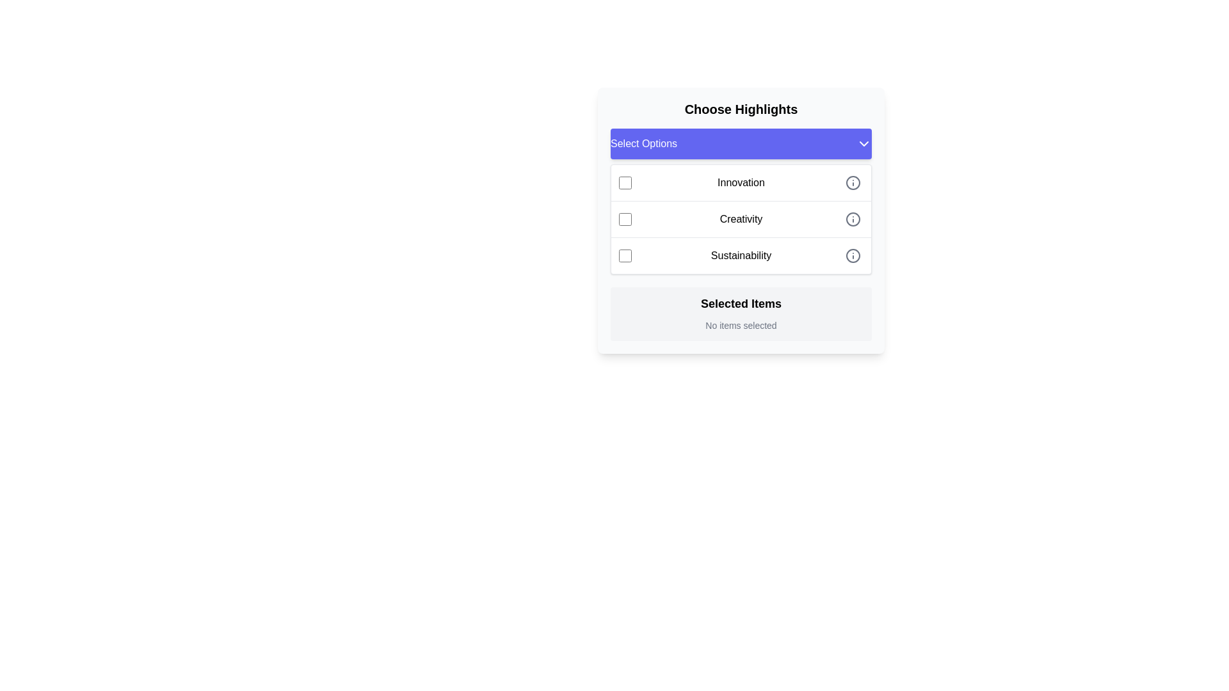 The width and height of the screenshot is (1229, 691). I want to click on the static text label displaying 'Innovation' which is centrally positioned in the option row, adjacent to a checkbox and an information icon, so click(741, 182).